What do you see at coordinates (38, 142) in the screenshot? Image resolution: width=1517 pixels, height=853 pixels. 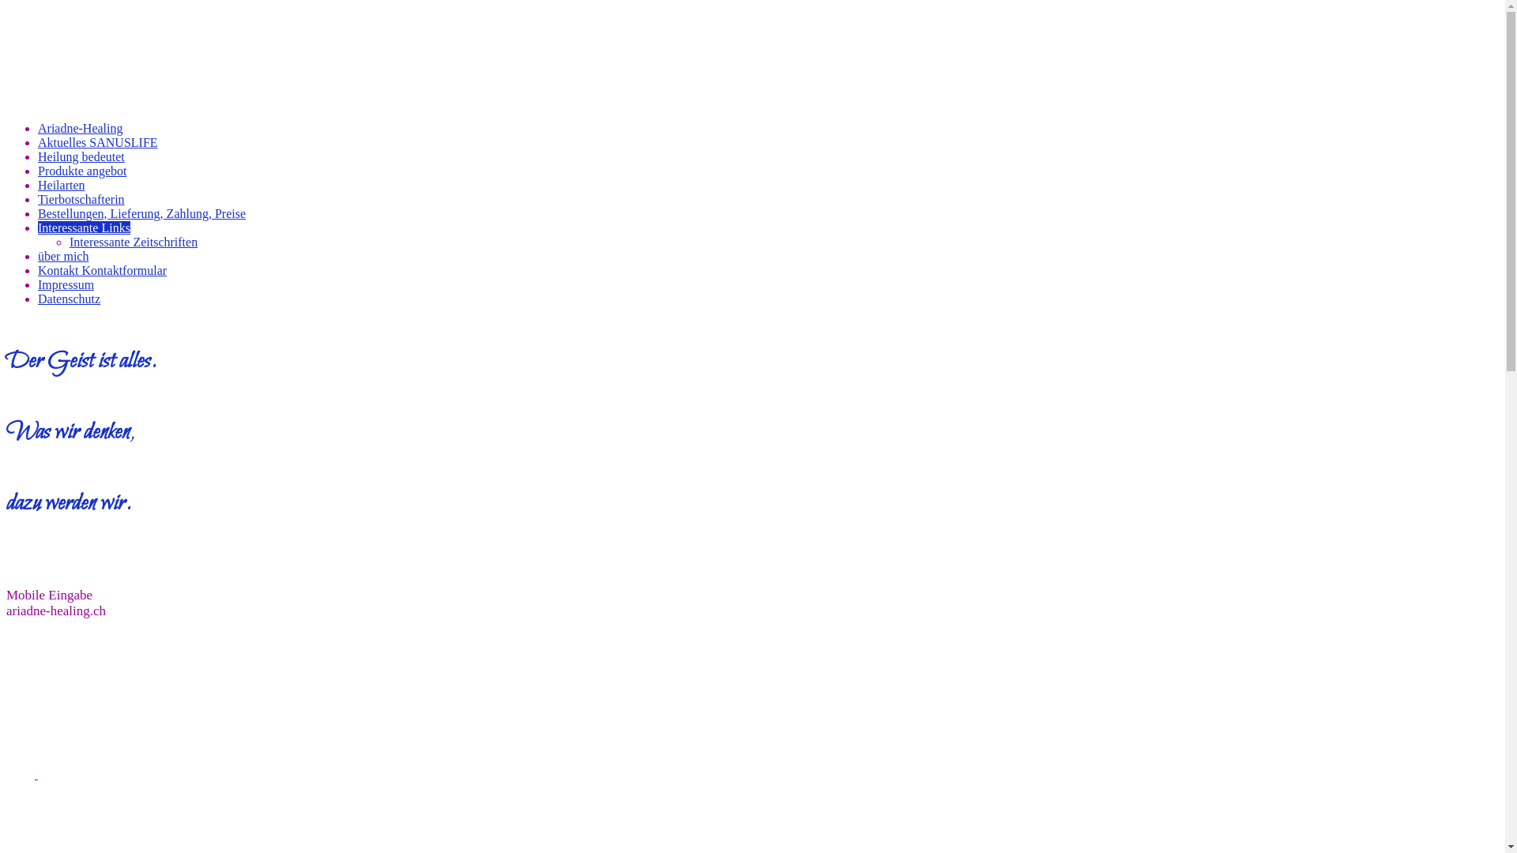 I see `'Aktuelles SANUSLIFE'` at bounding box center [38, 142].